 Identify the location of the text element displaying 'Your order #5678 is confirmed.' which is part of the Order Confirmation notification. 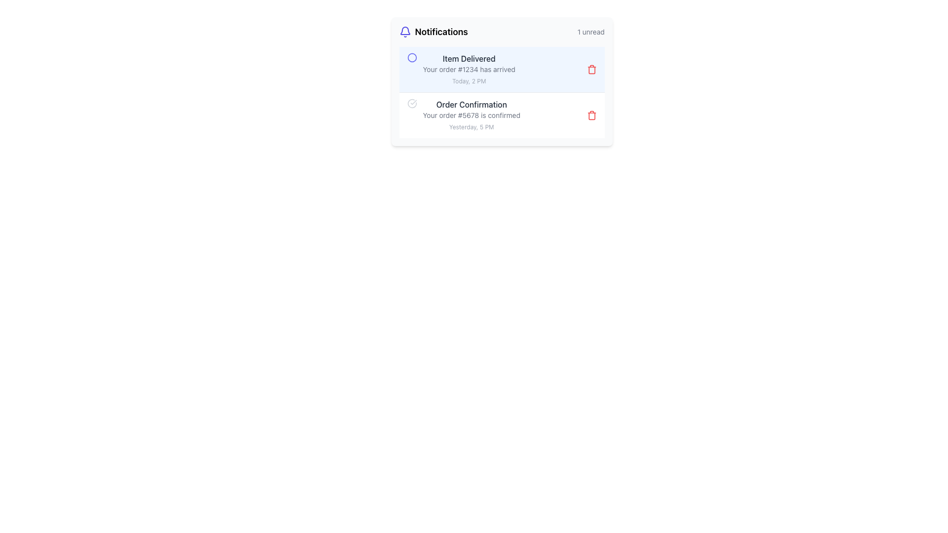
(471, 115).